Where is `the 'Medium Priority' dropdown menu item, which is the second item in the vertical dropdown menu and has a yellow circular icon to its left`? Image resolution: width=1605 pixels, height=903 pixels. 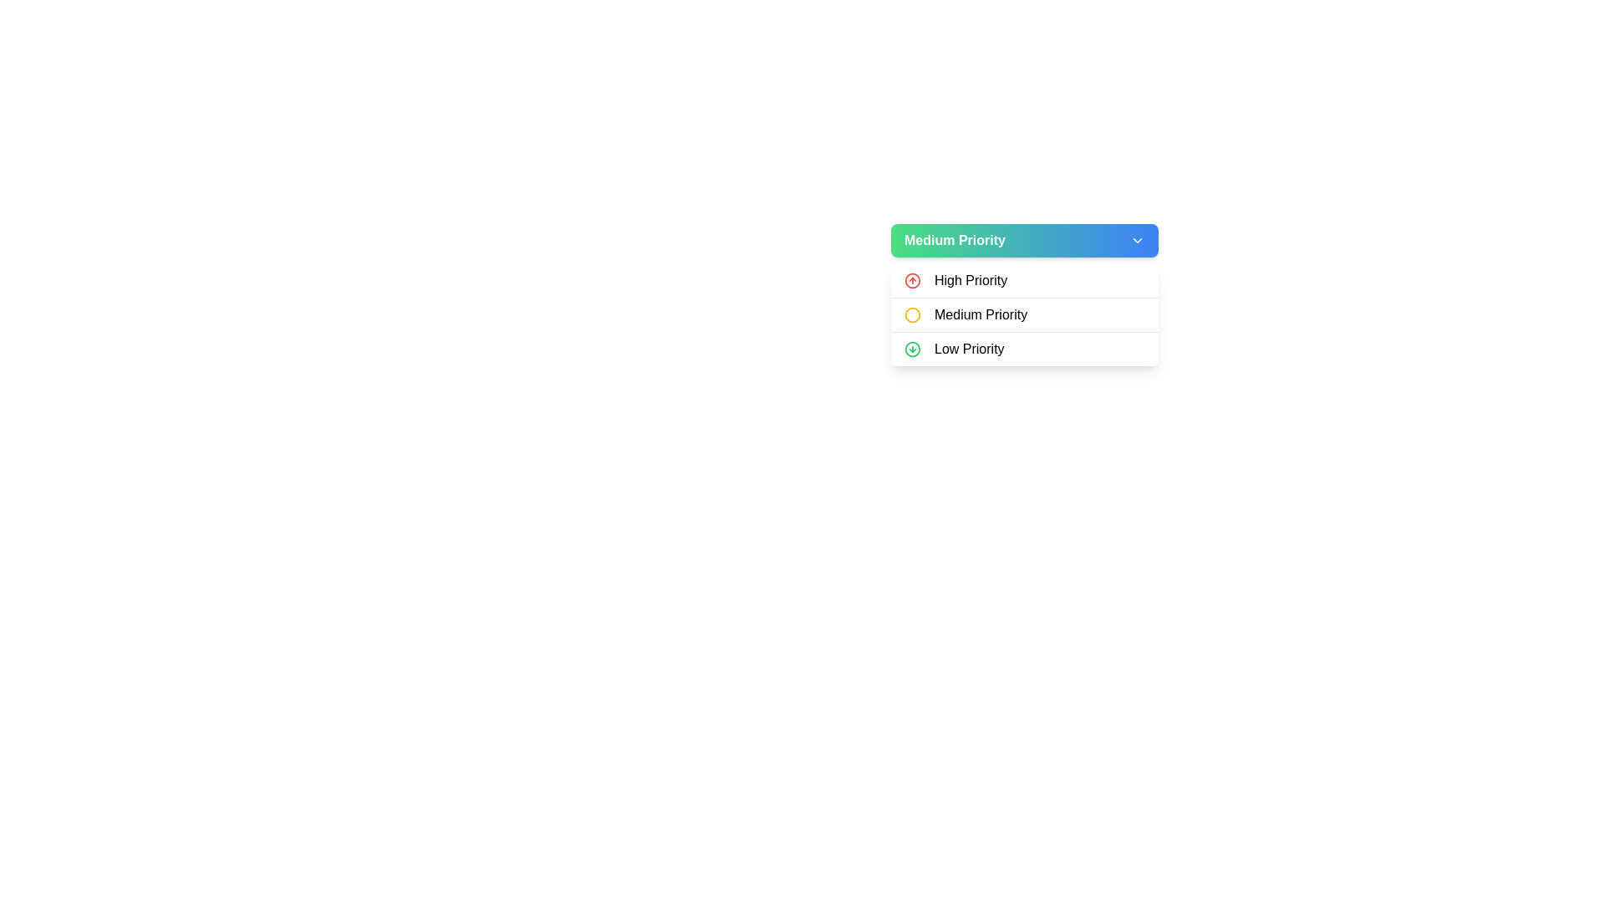
the 'Medium Priority' dropdown menu item, which is the second item in the vertical dropdown menu and has a yellow circular icon to its left is located at coordinates (1023, 314).